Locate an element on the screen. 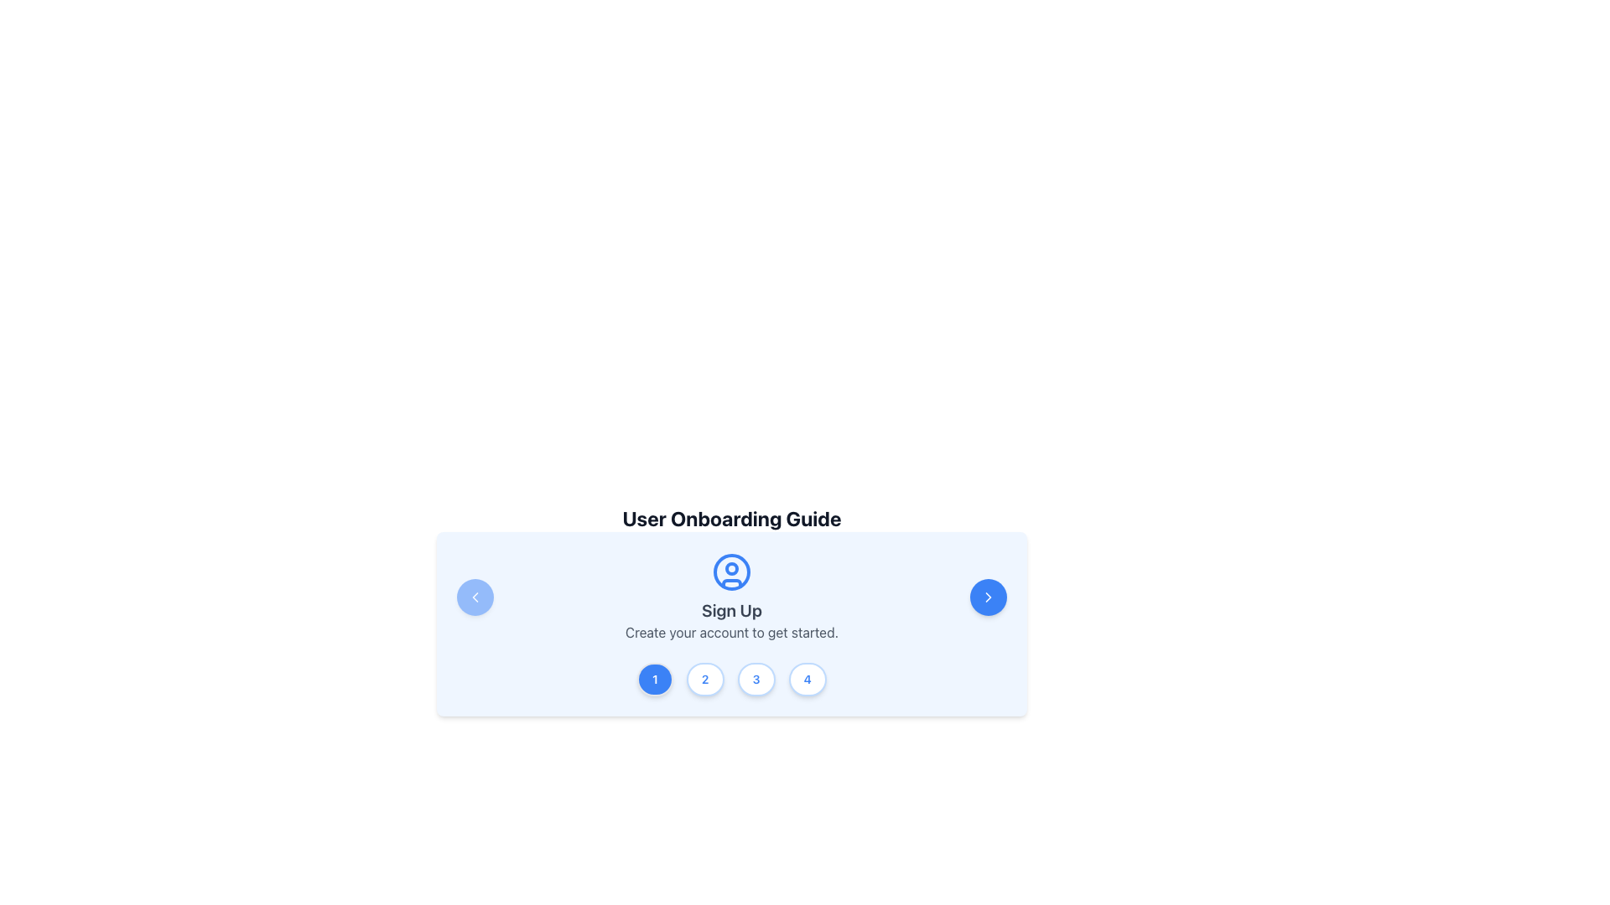 The height and width of the screenshot is (905, 1610). the text label that reads 'Create your account to get started.' which is styled in a medium-sized, clean sans-serif font and located within a card-like component with a light blue background is located at coordinates (732, 633).